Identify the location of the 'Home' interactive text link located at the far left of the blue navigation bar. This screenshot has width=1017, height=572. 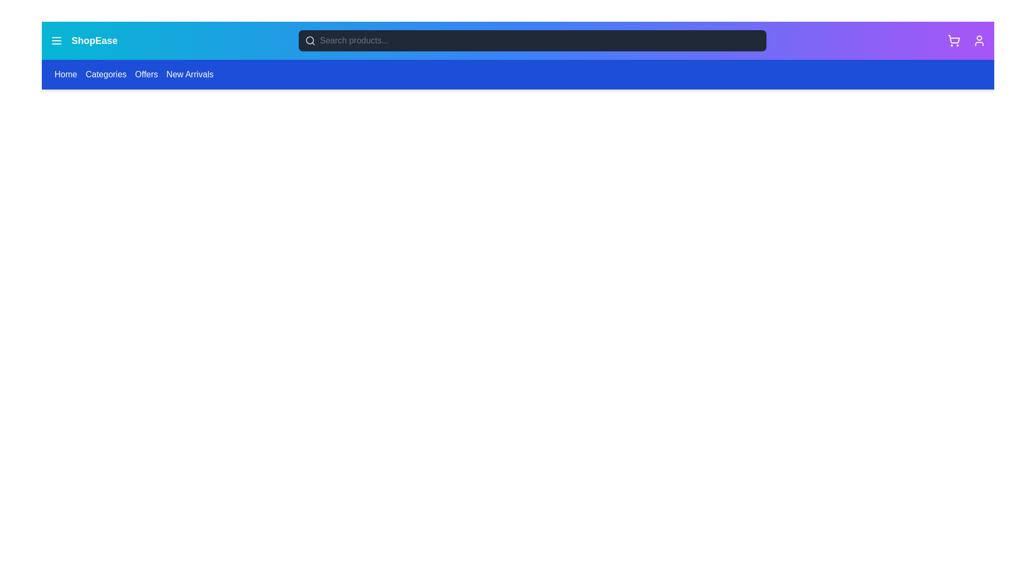
(65, 74).